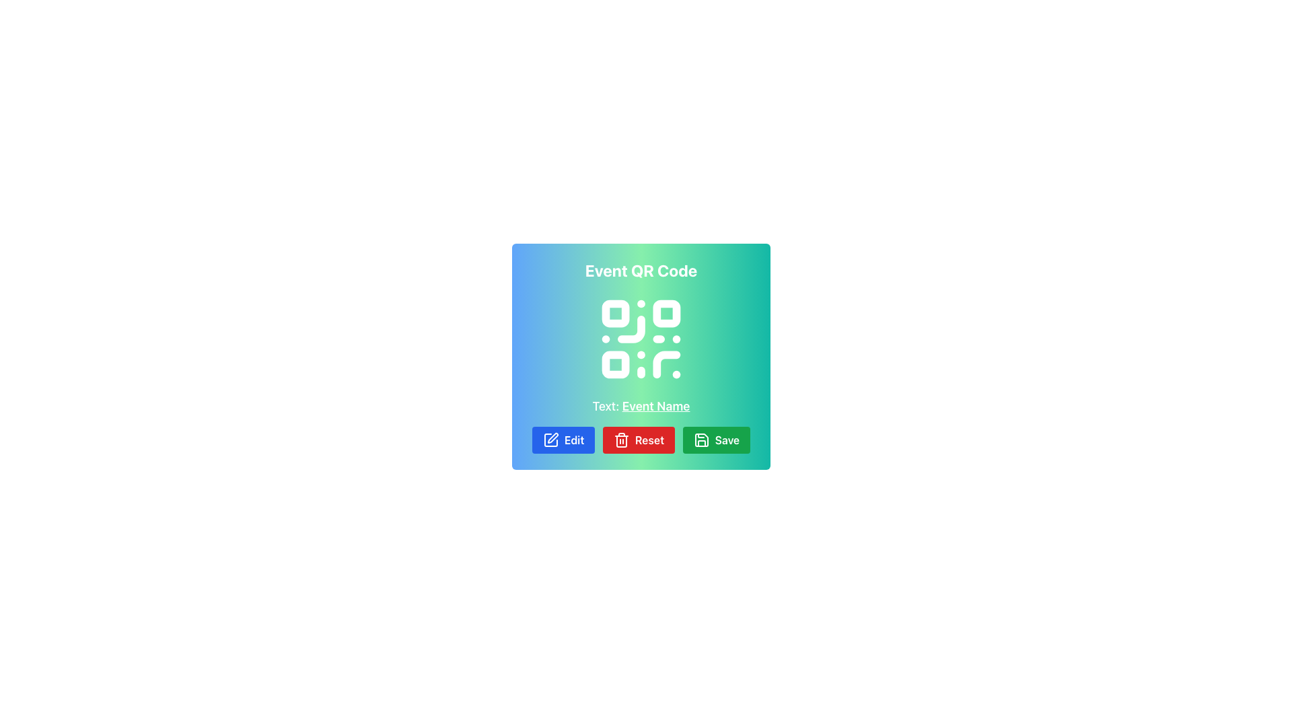 The height and width of the screenshot is (727, 1292). I want to click on the 'Save' button icon indicating a save action, located at the bottom-right corner of the interface, to the right of the red 'Reset' button, so click(701, 440).